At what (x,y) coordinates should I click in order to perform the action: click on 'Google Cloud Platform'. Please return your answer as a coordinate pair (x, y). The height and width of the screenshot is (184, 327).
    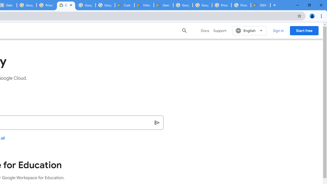
    Looking at the image, I should click on (202, 5).